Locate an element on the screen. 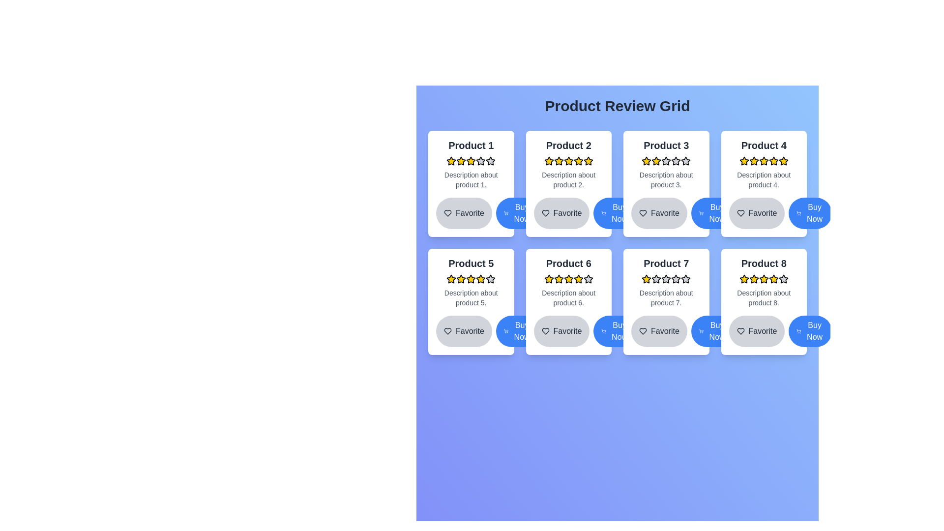  the 'Purchase' button located at the bottom right of the card for 'Product 3', which is the second button to the right of the 'Favorite' button, to initiate a purchase is located at coordinates (712, 213).